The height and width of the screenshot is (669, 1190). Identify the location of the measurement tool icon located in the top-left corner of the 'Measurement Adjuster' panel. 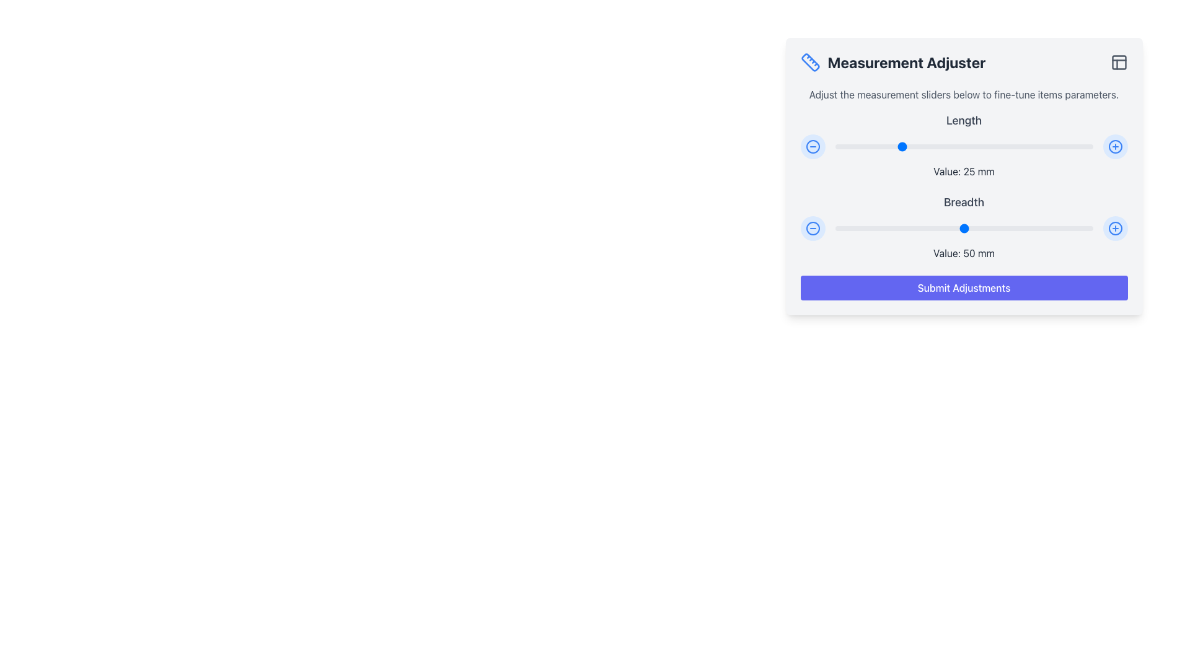
(810, 62).